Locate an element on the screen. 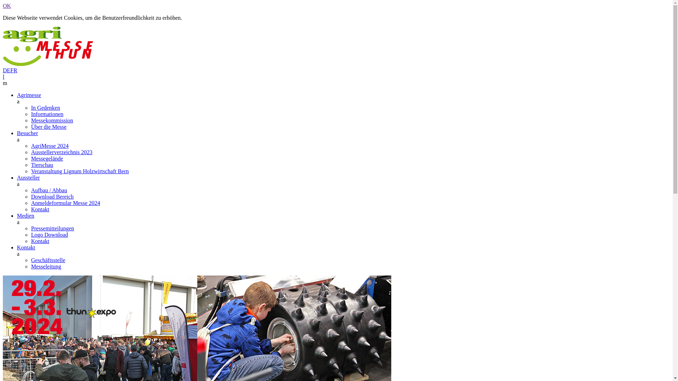  'Informationen' is located at coordinates (47, 114).